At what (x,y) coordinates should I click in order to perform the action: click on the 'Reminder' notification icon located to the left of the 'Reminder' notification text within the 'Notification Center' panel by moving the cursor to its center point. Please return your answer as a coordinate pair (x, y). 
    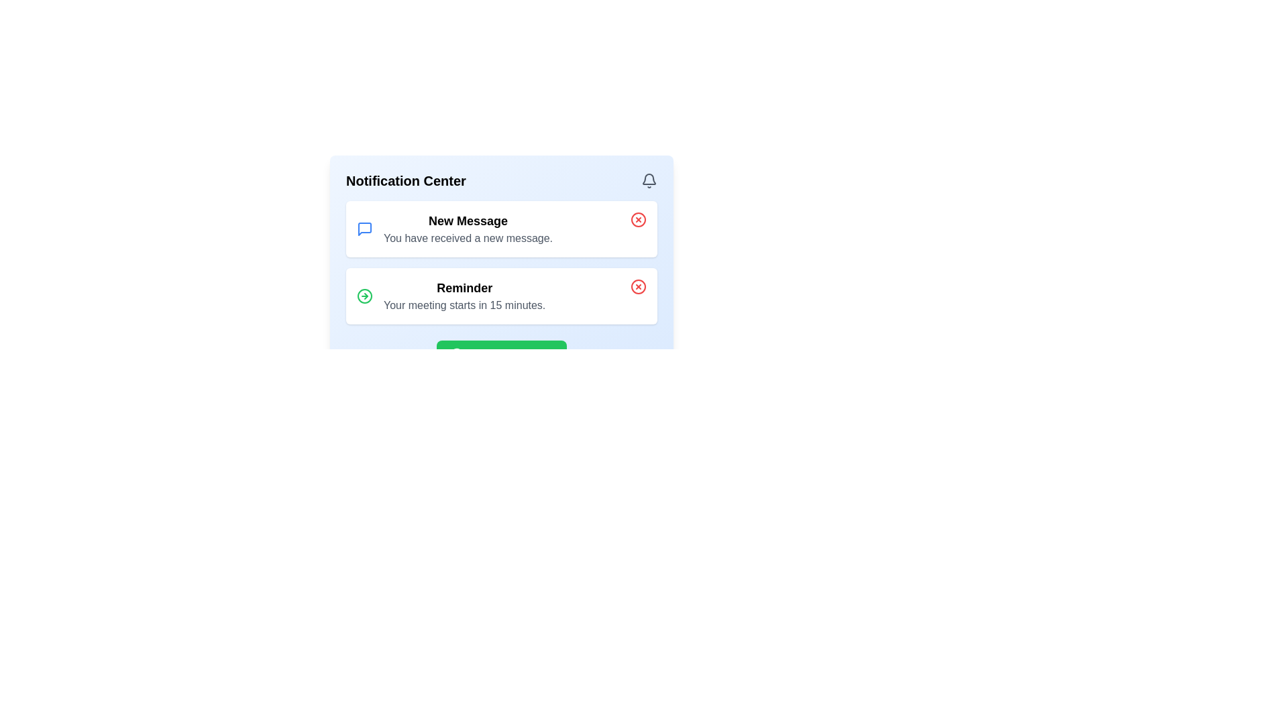
    Looking at the image, I should click on (364, 296).